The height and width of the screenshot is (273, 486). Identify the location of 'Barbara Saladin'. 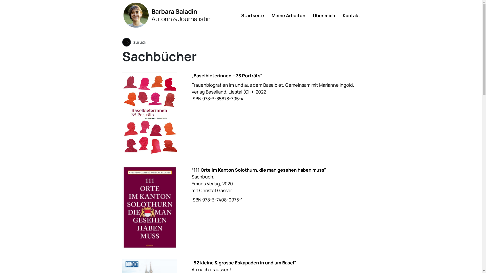
(168, 15).